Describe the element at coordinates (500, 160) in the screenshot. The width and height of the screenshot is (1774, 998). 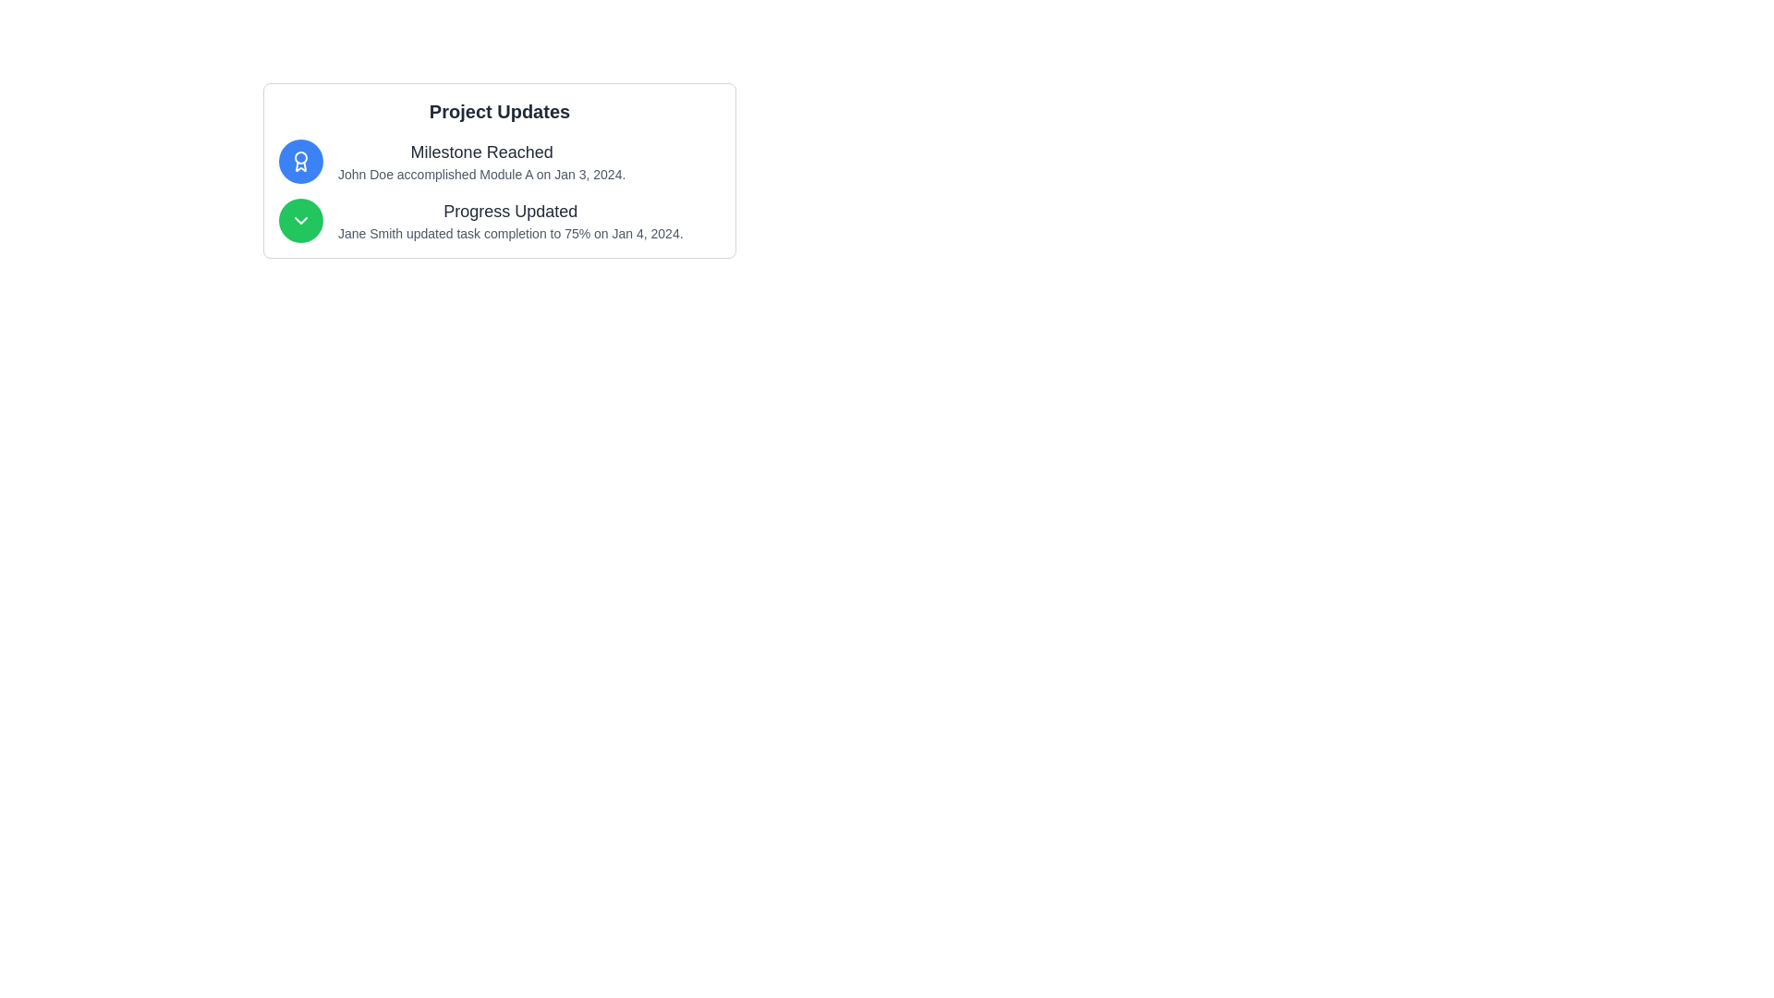
I see `the first item in the notification-style list, featuring a blue badge icon with an award symbol and the text 'Milestone Reached'` at that location.